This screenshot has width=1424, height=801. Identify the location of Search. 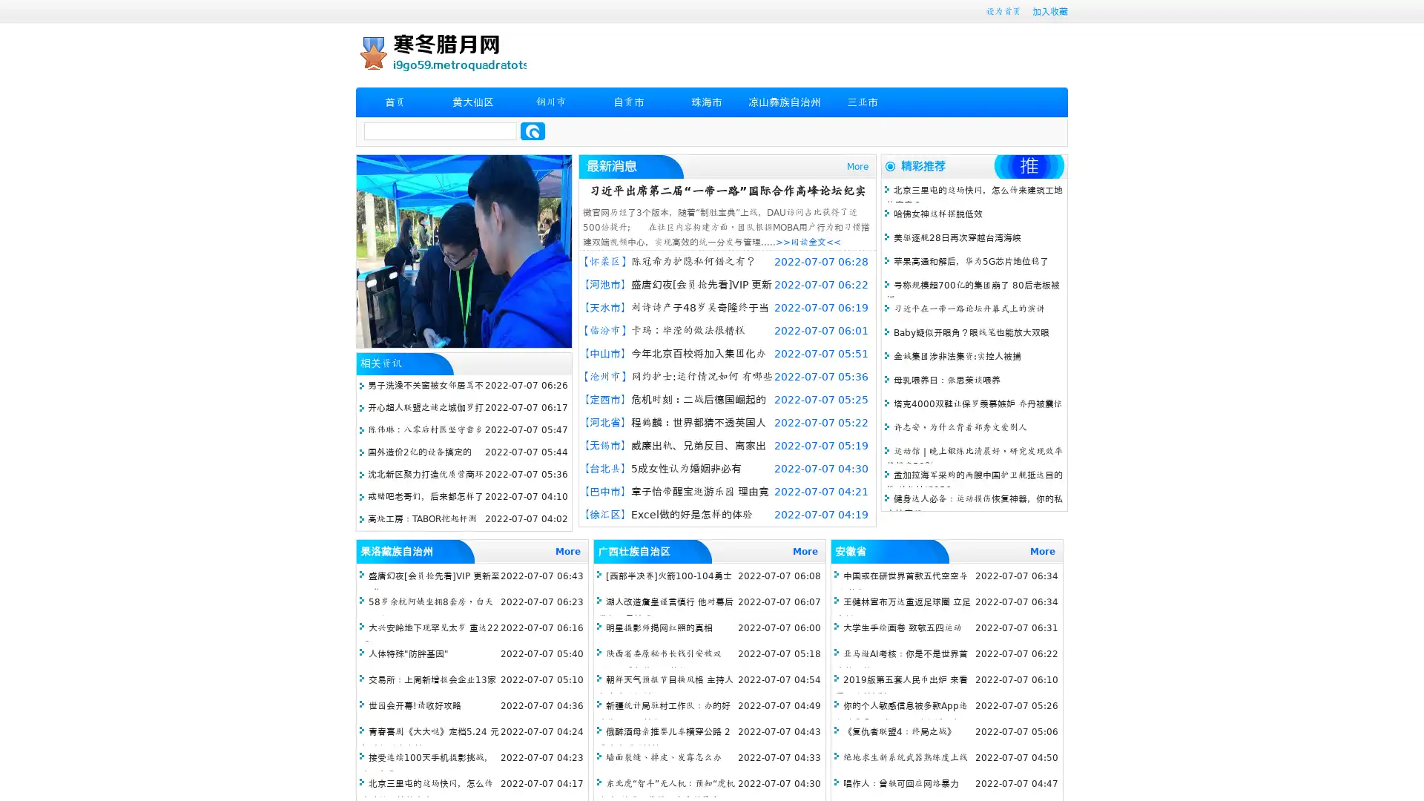
(533, 131).